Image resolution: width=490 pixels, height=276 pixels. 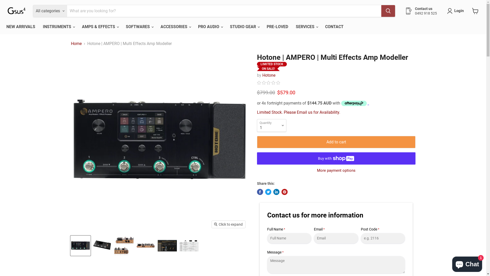 What do you see at coordinates (139, 27) in the screenshot?
I see `'SOFTWARES'` at bounding box center [139, 27].